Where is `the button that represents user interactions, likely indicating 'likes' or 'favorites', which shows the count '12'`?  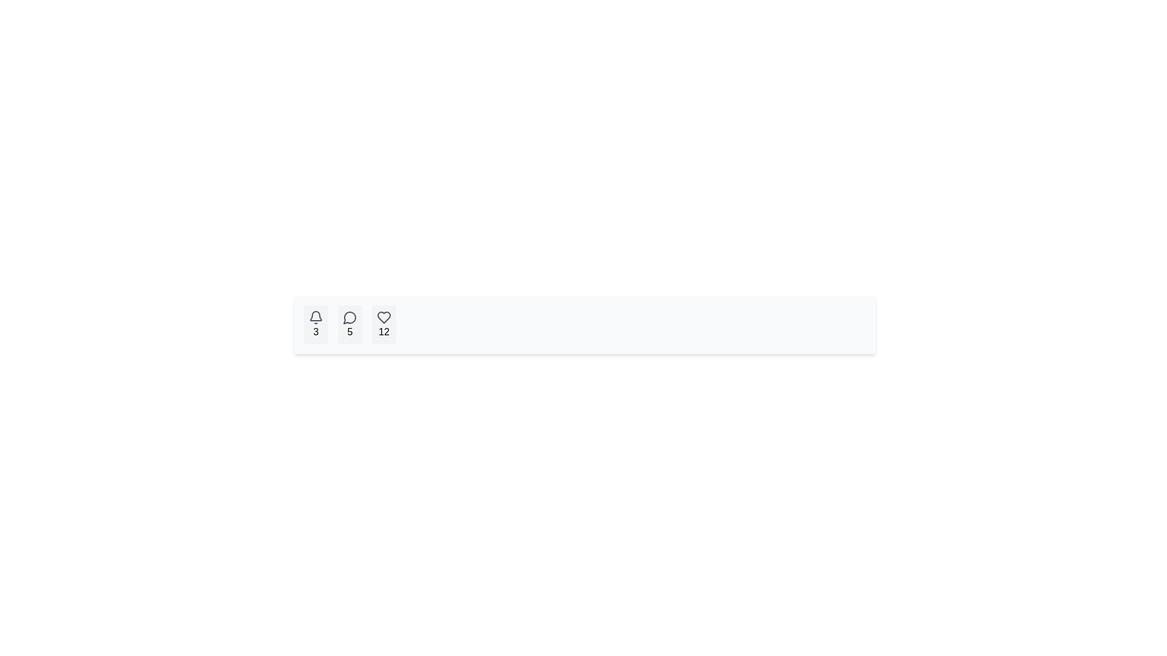 the button that represents user interactions, likely indicating 'likes' or 'favorites', which shows the count '12' is located at coordinates (384, 324).